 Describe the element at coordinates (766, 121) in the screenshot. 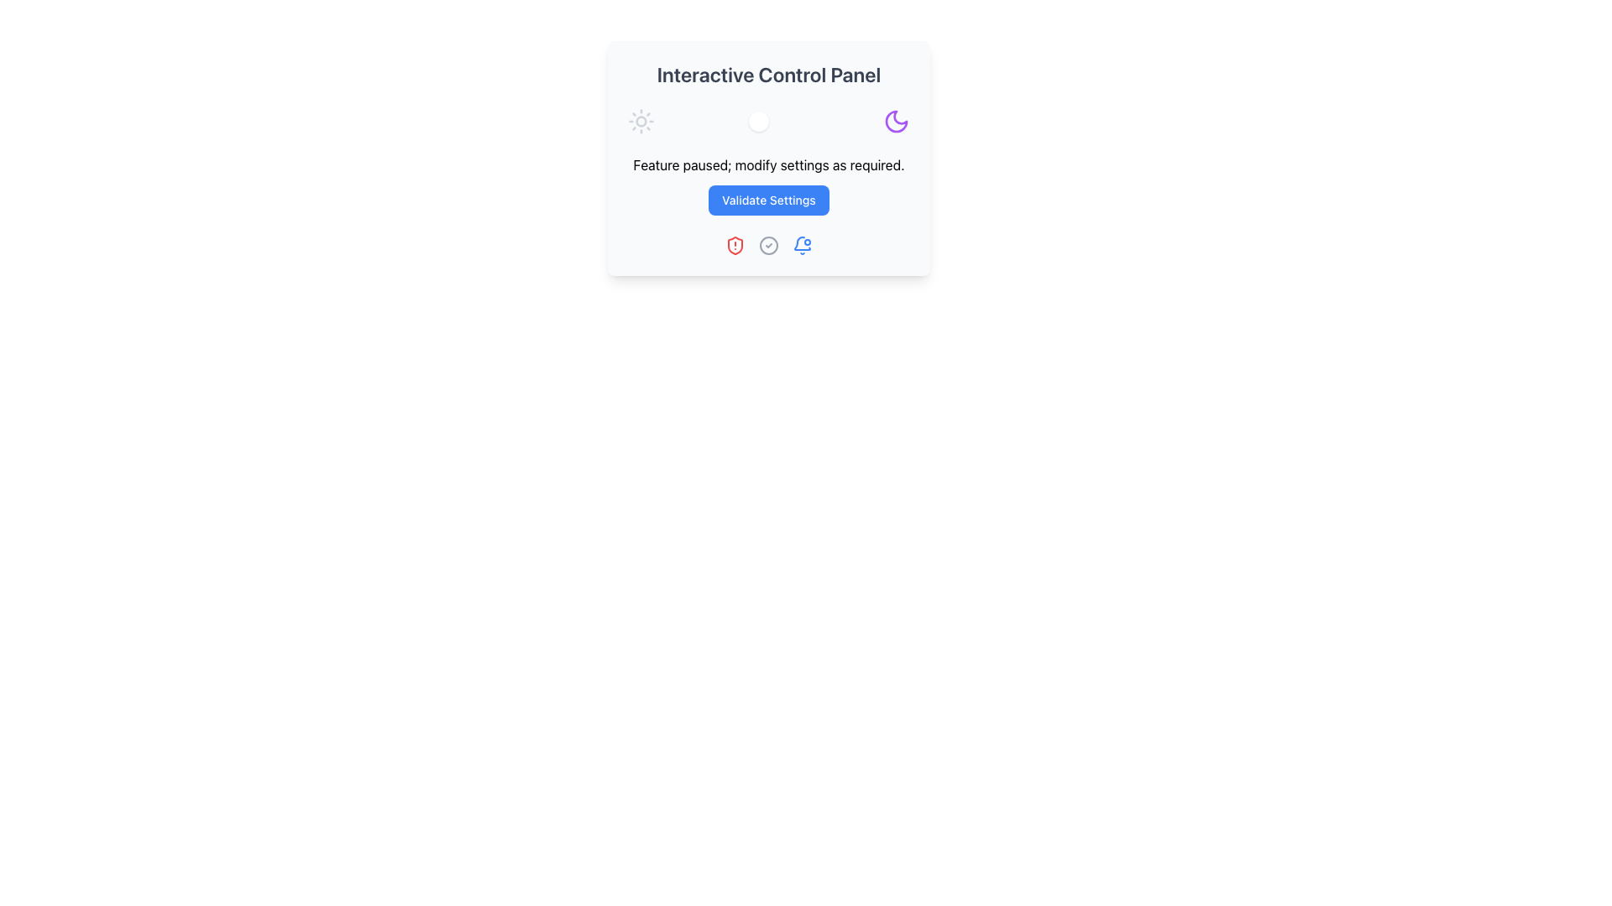

I see `the slider` at that location.